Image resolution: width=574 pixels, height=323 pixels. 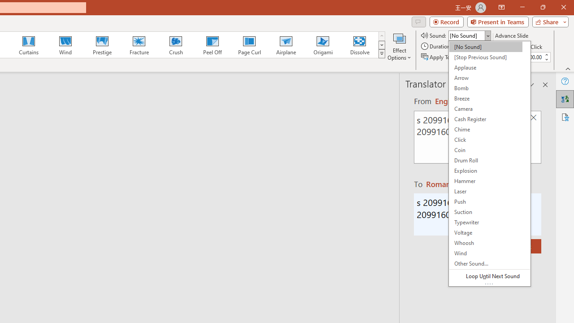 What do you see at coordinates (249, 45) in the screenshot?
I see `'Page Curl'` at bounding box center [249, 45].